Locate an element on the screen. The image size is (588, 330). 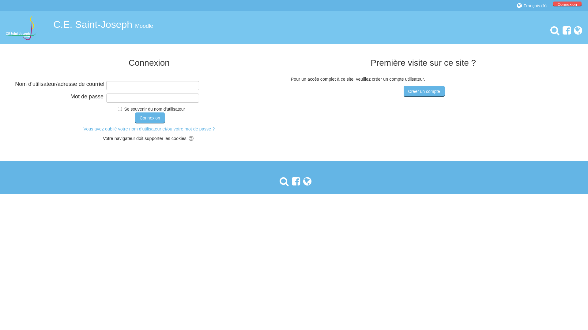
'Connexion' is located at coordinates (567, 4).